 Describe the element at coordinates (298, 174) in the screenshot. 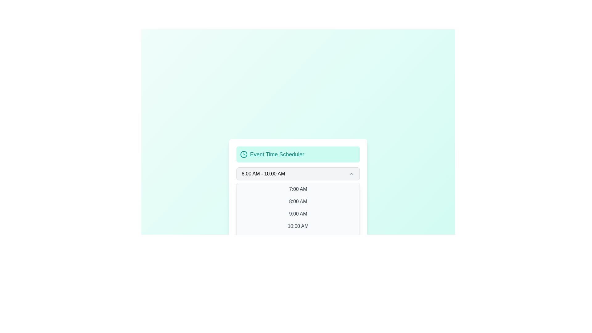

I see `the dropdown menu labeled '8:00 AM - 10:00 AM' within the 'Event Time Scheduler' card` at that location.